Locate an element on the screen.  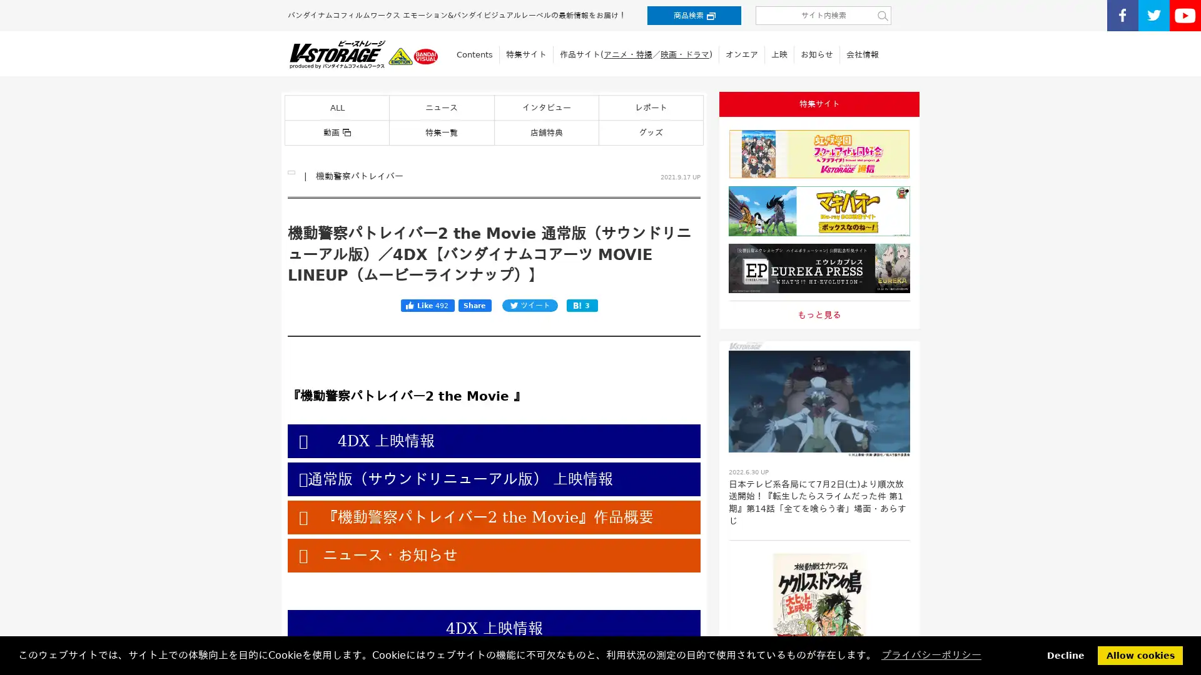
allow cookies is located at coordinates (1140, 655).